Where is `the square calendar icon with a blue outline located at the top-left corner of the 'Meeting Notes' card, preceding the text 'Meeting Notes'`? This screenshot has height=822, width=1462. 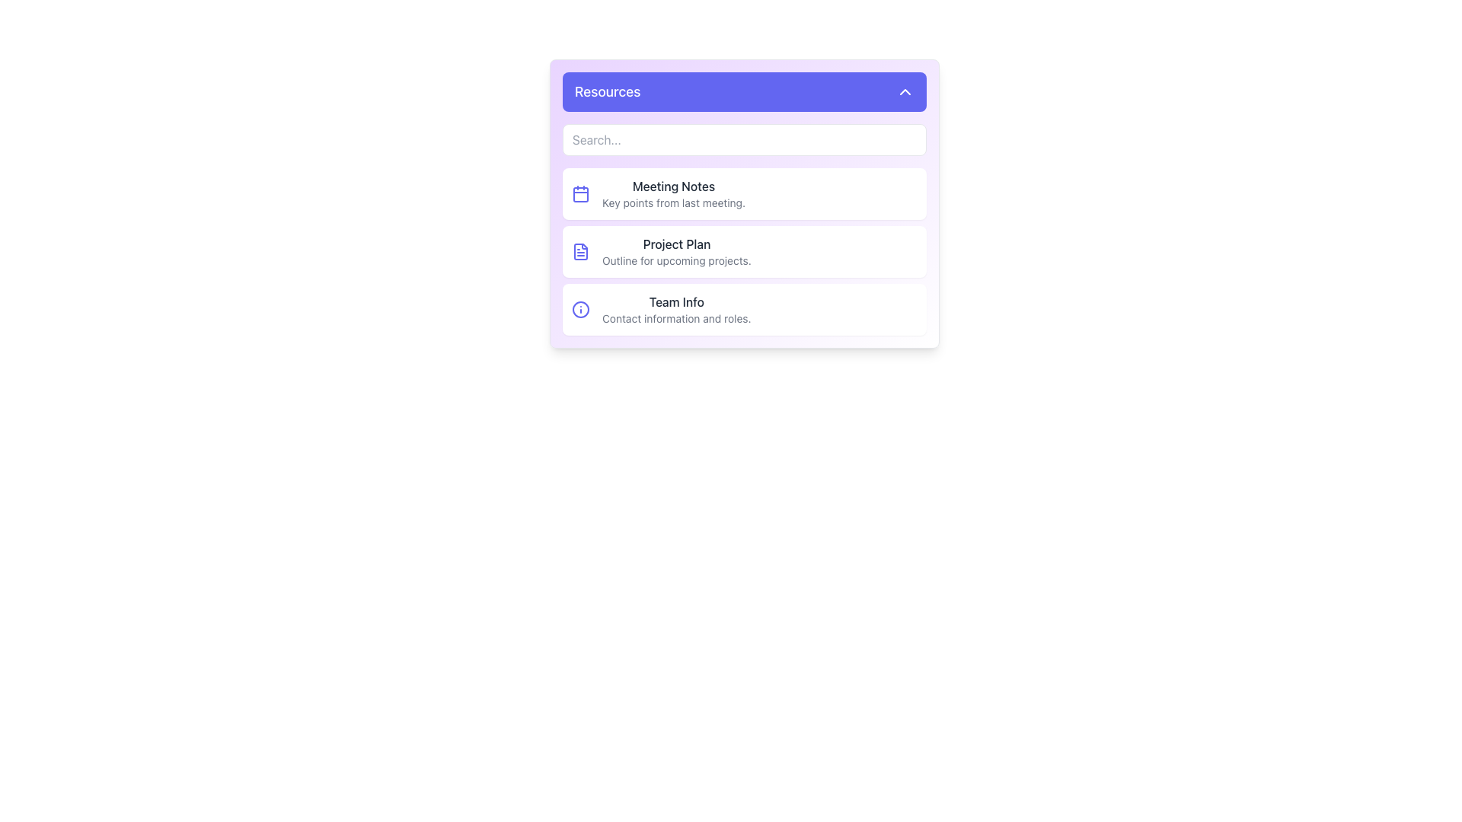 the square calendar icon with a blue outline located at the top-left corner of the 'Meeting Notes' card, preceding the text 'Meeting Notes' is located at coordinates (580, 193).